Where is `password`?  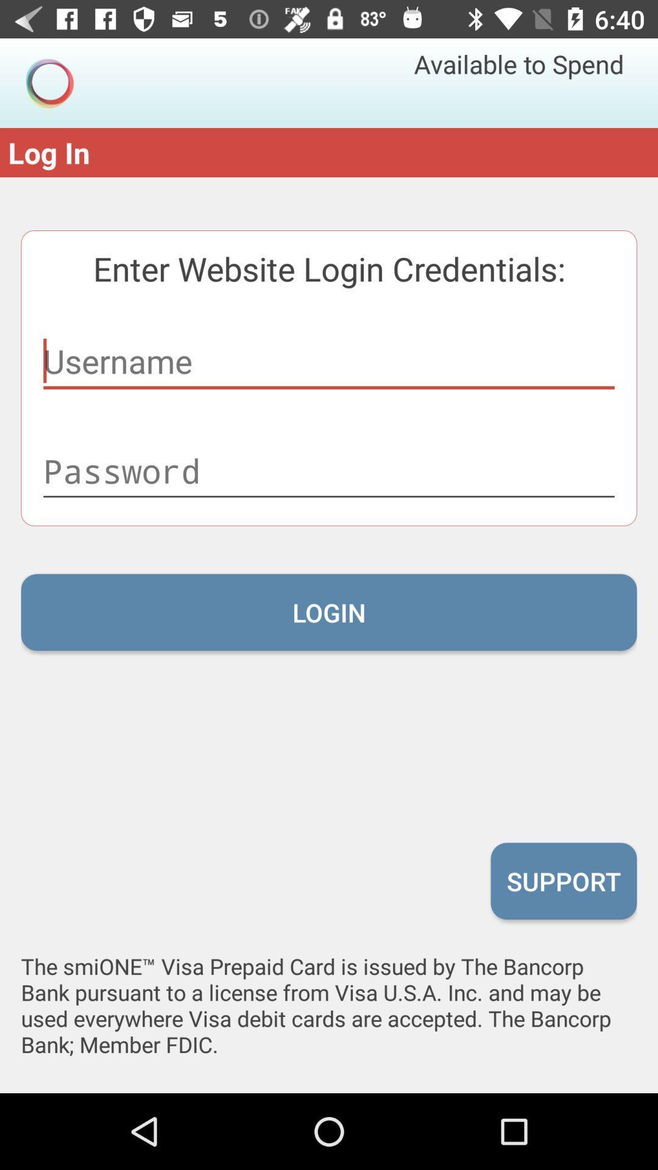
password is located at coordinates (329, 470).